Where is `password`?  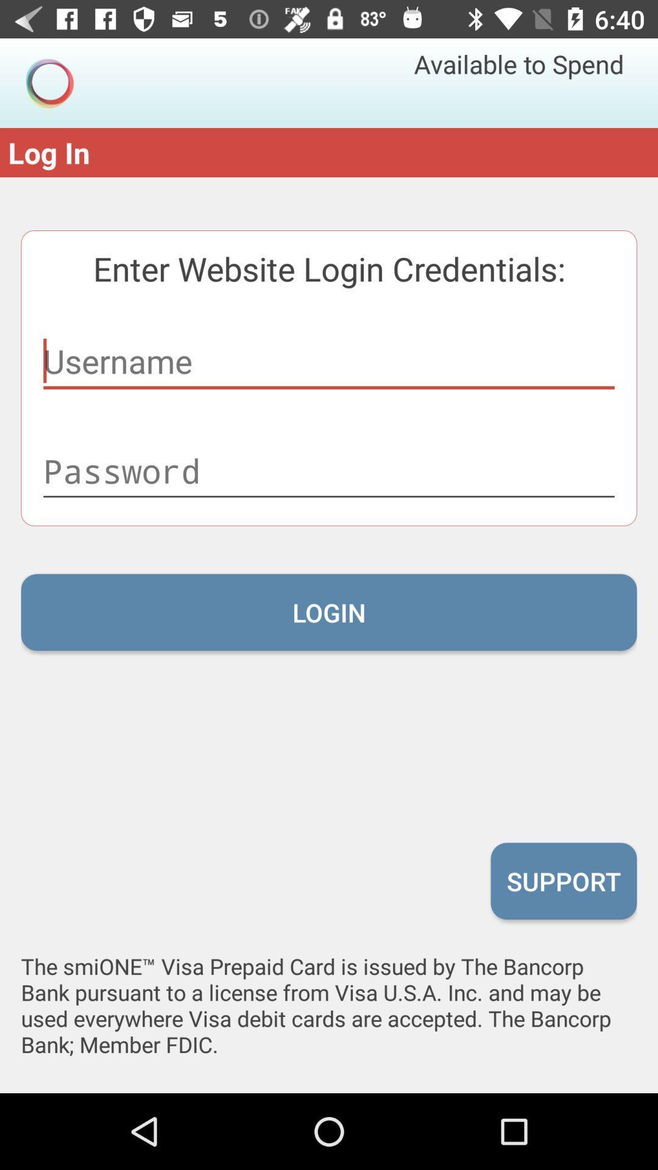
password is located at coordinates (329, 470).